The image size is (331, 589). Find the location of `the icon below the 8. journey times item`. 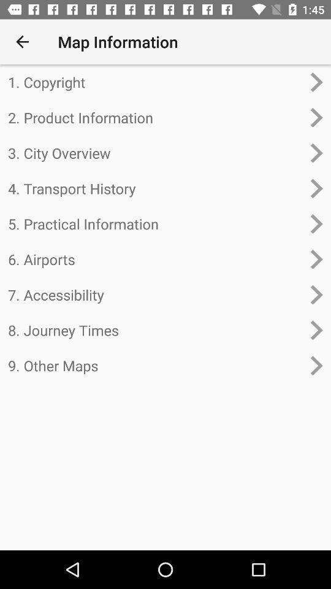

the icon below the 8. journey times item is located at coordinates (155, 366).